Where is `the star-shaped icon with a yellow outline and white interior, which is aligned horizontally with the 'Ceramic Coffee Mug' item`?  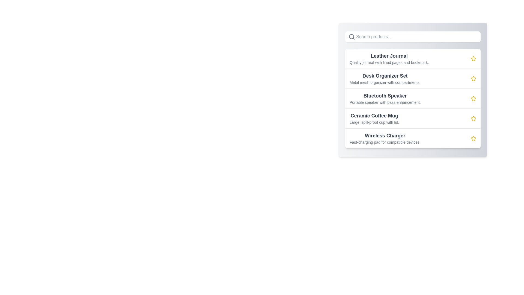
the star-shaped icon with a yellow outline and white interior, which is aligned horizontally with the 'Ceramic Coffee Mug' item is located at coordinates (473, 118).